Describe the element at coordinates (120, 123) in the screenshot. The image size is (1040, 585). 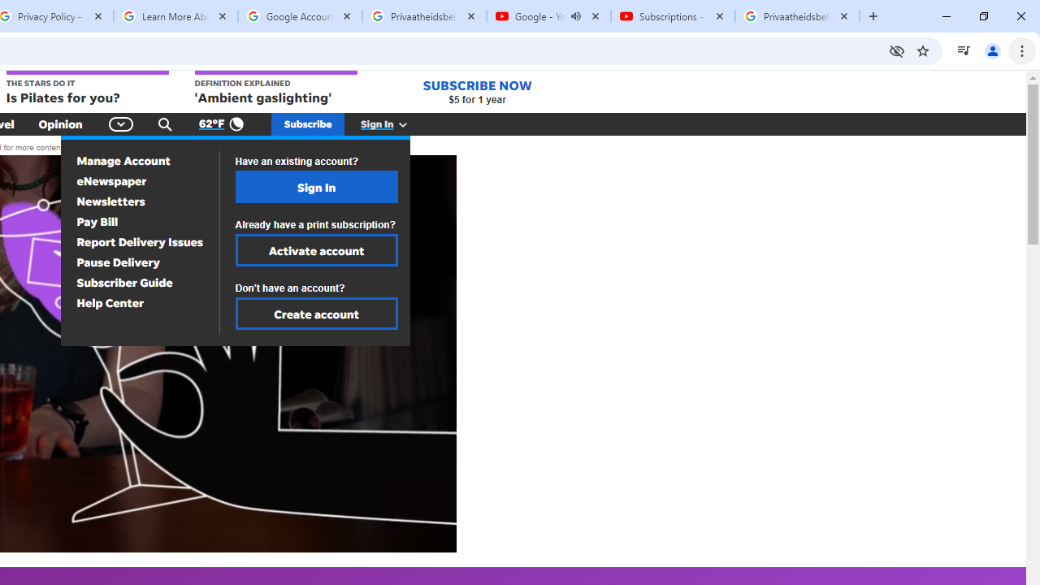
I see `'Global Navigation'` at that location.